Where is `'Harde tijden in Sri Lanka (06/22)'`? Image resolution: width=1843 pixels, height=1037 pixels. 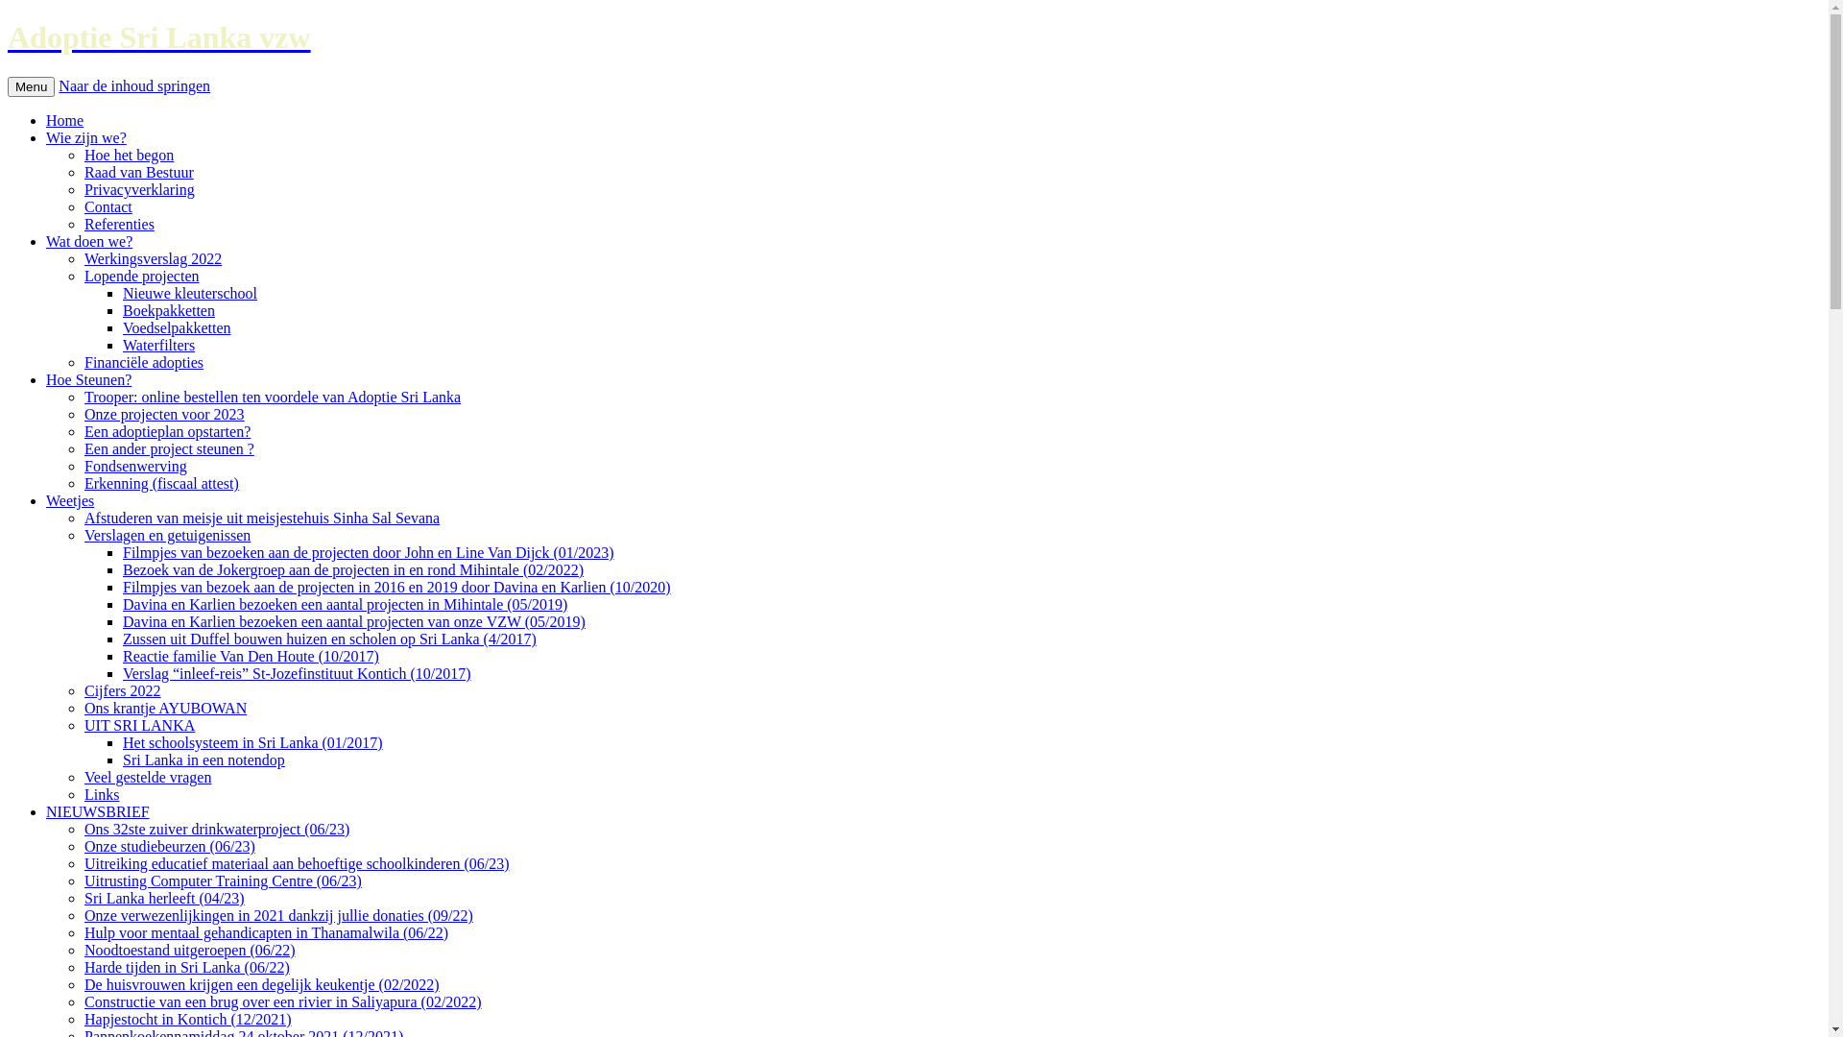 'Harde tijden in Sri Lanka (06/22)' is located at coordinates (187, 967).